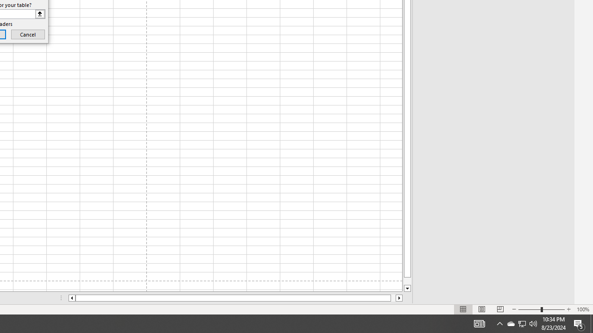 The width and height of the screenshot is (593, 333). What do you see at coordinates (393, 298) in the screenshot?
I see `'Page right'` at bounding box center [393, 298].